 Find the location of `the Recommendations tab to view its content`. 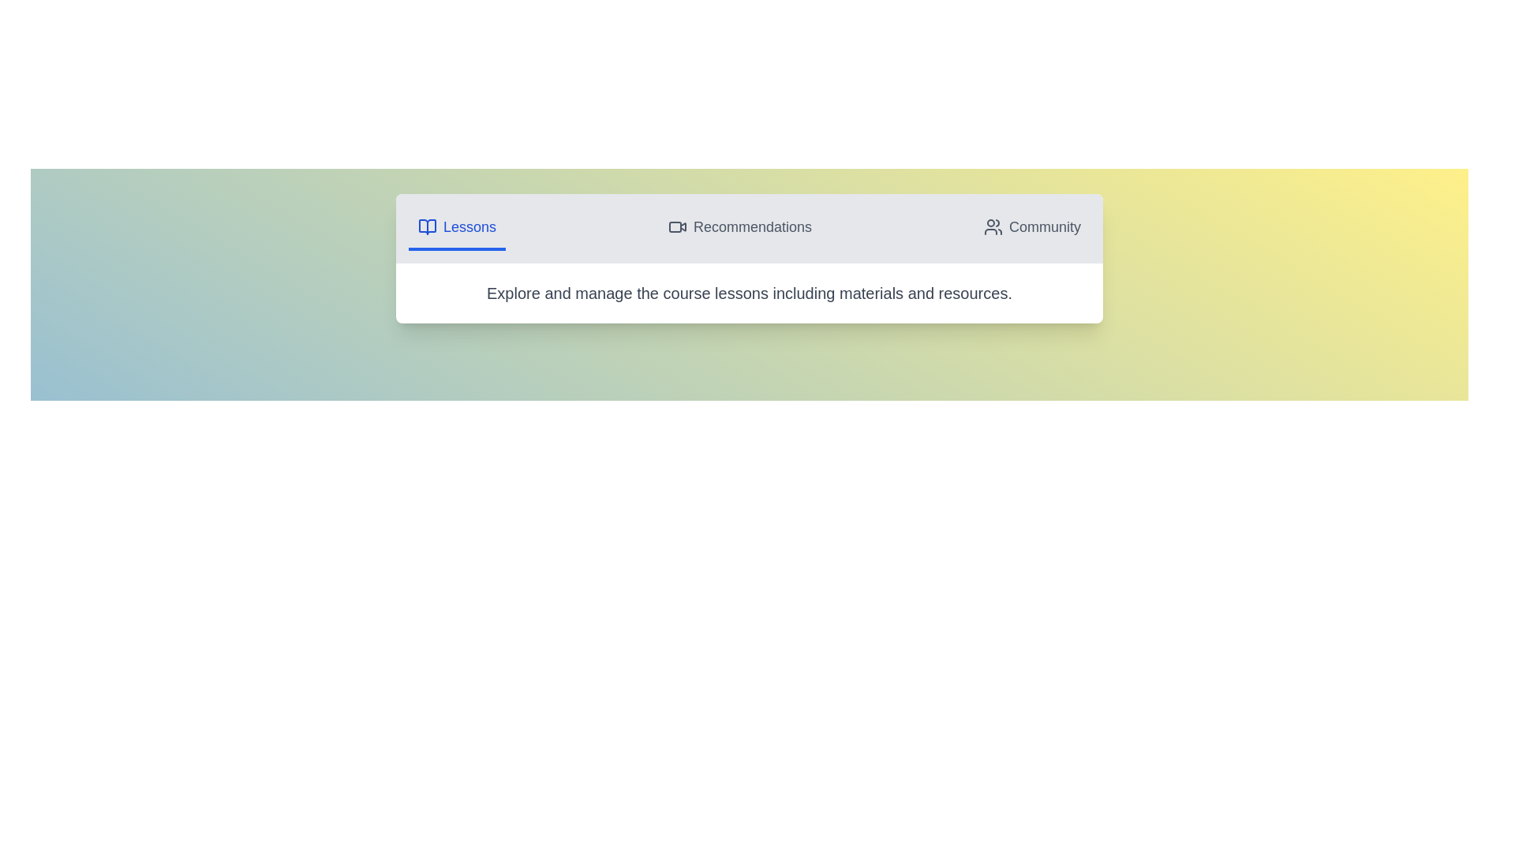

the Recommendations tab to view its content is located at coordinates (739, 228).